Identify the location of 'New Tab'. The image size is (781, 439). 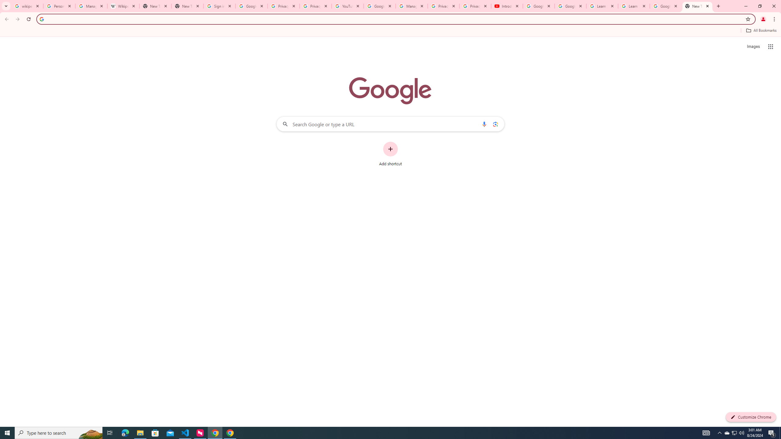
(697, 6).